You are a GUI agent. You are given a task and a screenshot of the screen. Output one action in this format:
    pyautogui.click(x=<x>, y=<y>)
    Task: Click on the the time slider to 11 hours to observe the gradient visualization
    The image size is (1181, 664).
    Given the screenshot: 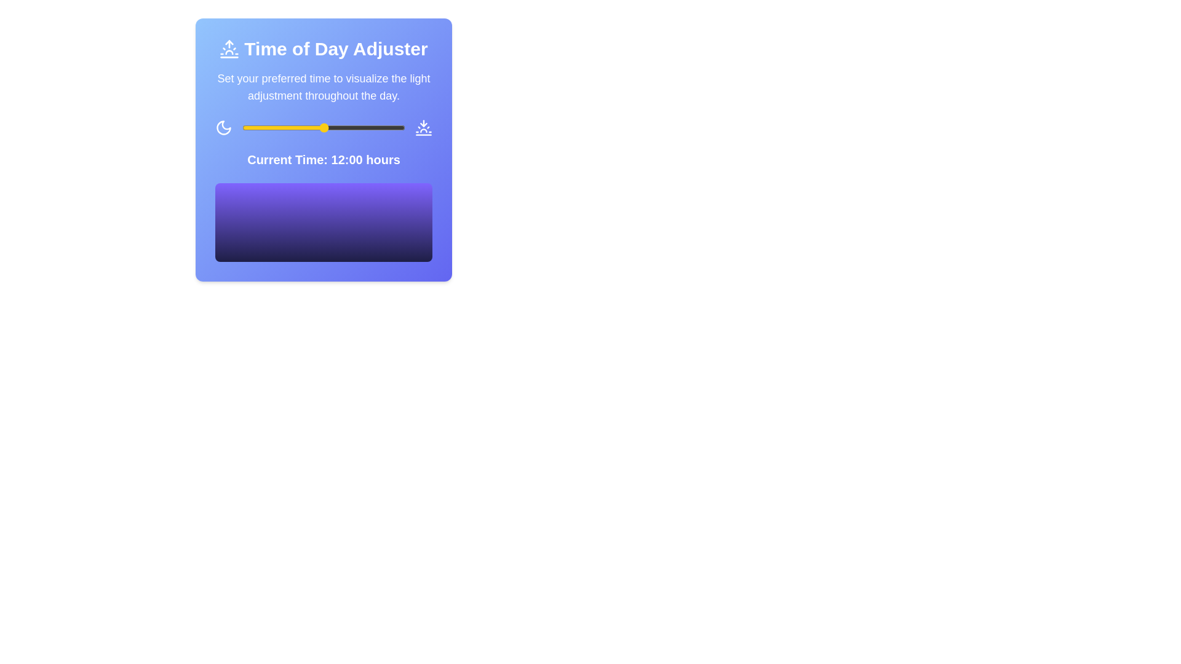 What is the action you would take?
    pyautogui.click(x=317, y=128)
    